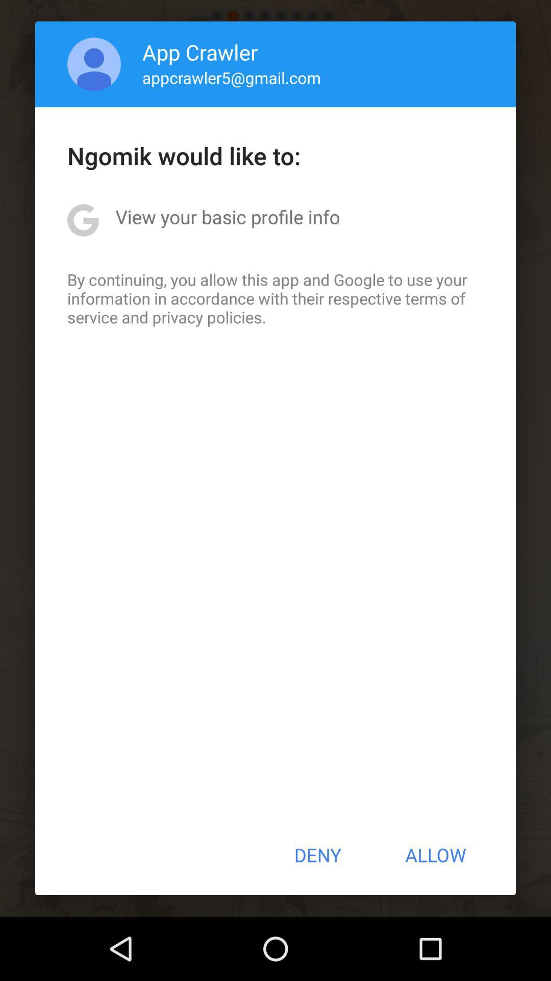 The height and width of the screenshot is (981, 551). I want to click on the appcrawler5@gmail.com, so click(232, 77).